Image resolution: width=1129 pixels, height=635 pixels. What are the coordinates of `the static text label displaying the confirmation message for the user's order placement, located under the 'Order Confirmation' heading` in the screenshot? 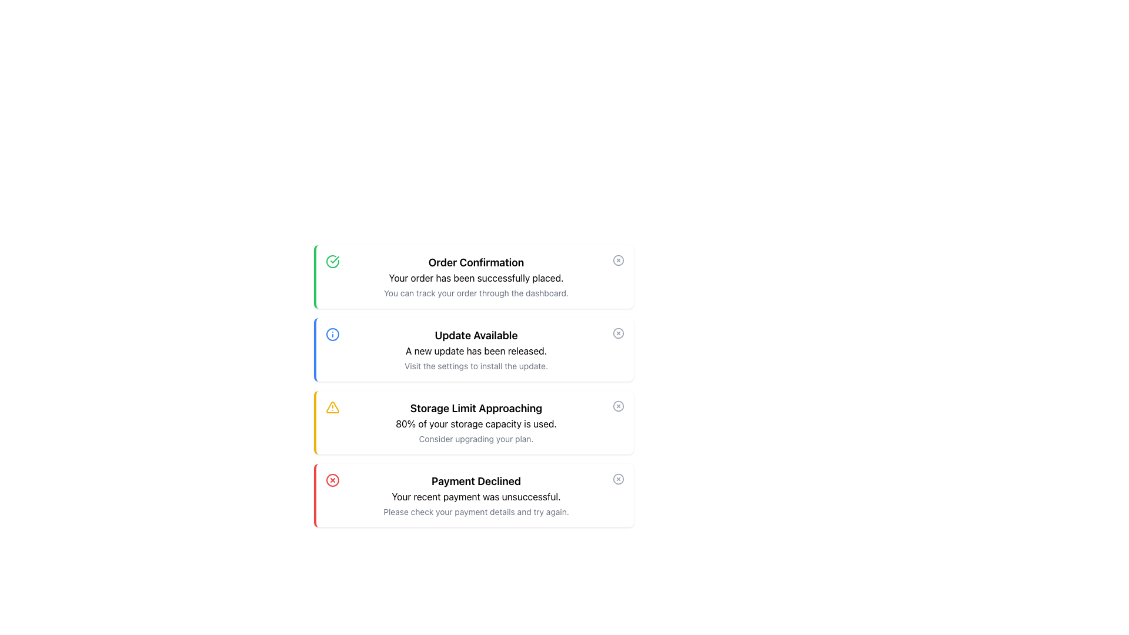 It's located at (476, 278).